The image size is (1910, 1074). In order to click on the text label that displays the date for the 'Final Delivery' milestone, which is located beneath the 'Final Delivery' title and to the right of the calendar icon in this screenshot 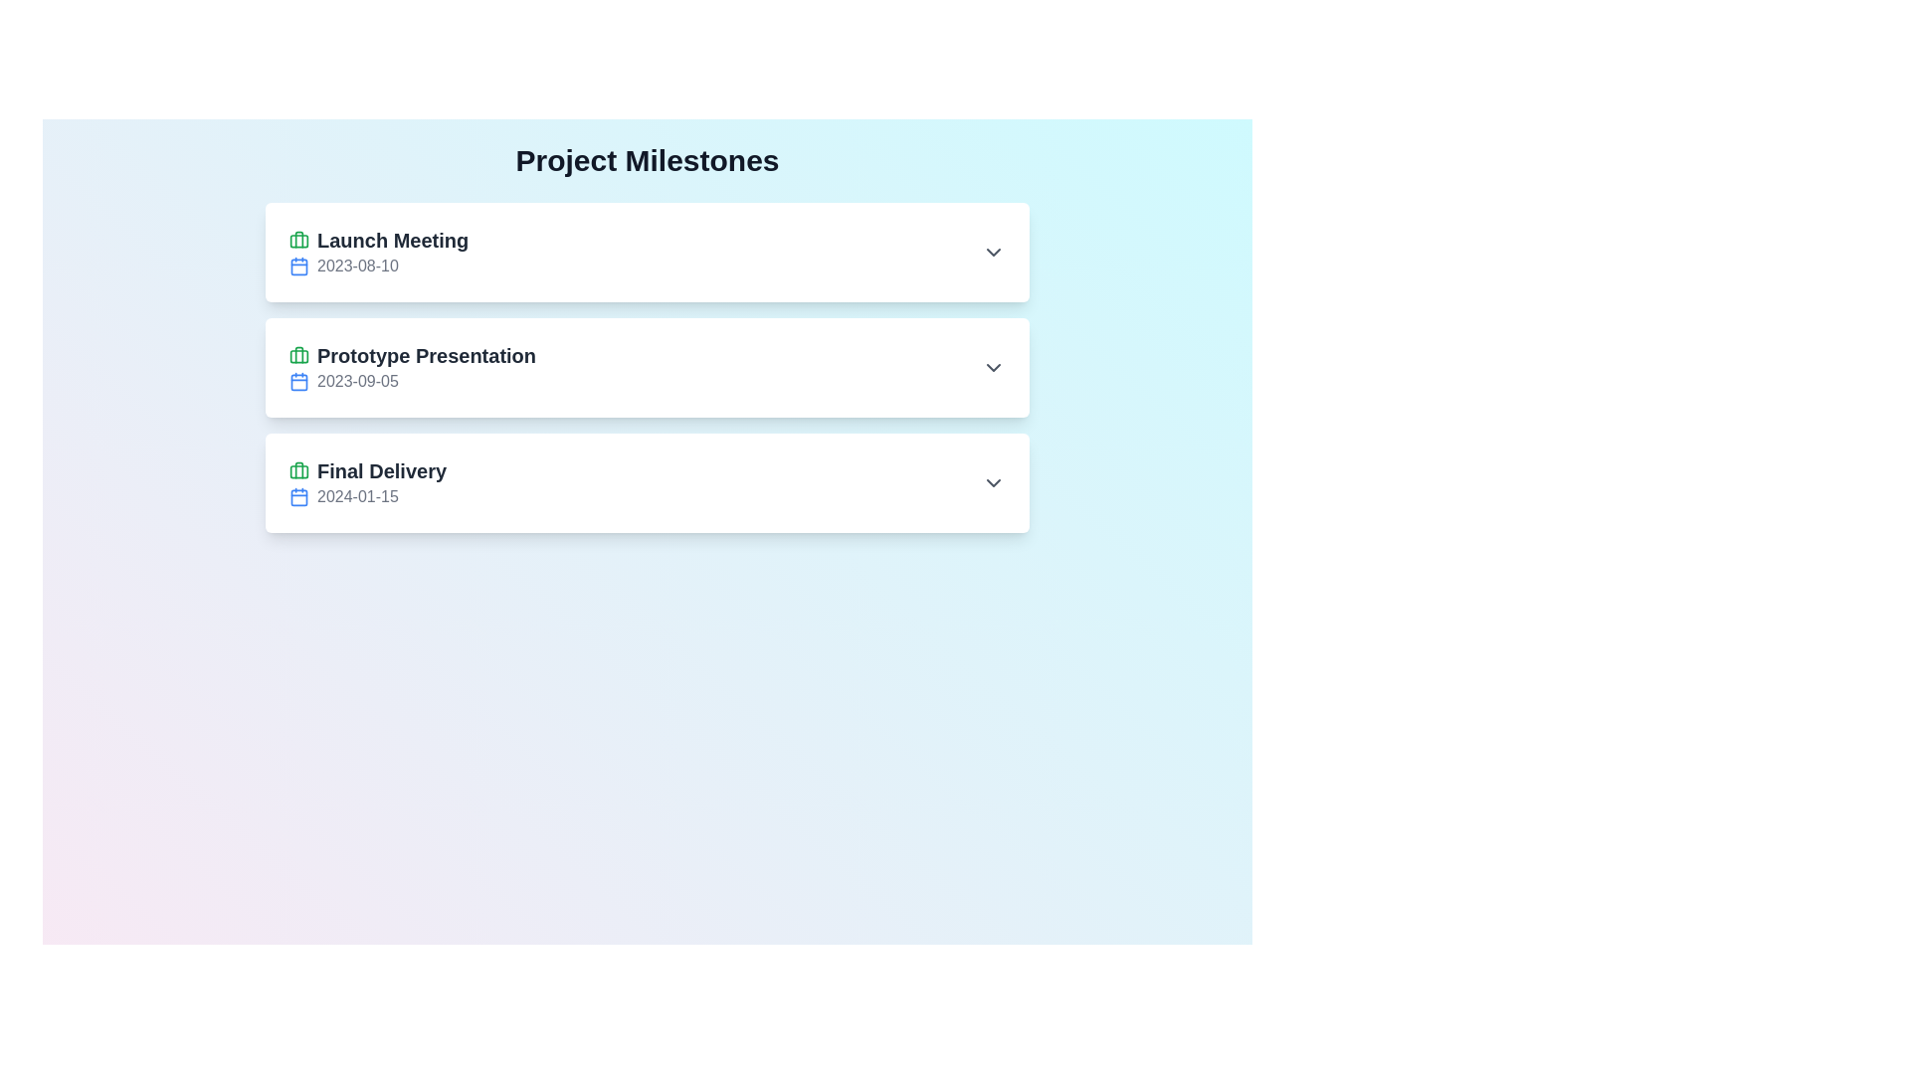, I will do `click(367, 496)`.